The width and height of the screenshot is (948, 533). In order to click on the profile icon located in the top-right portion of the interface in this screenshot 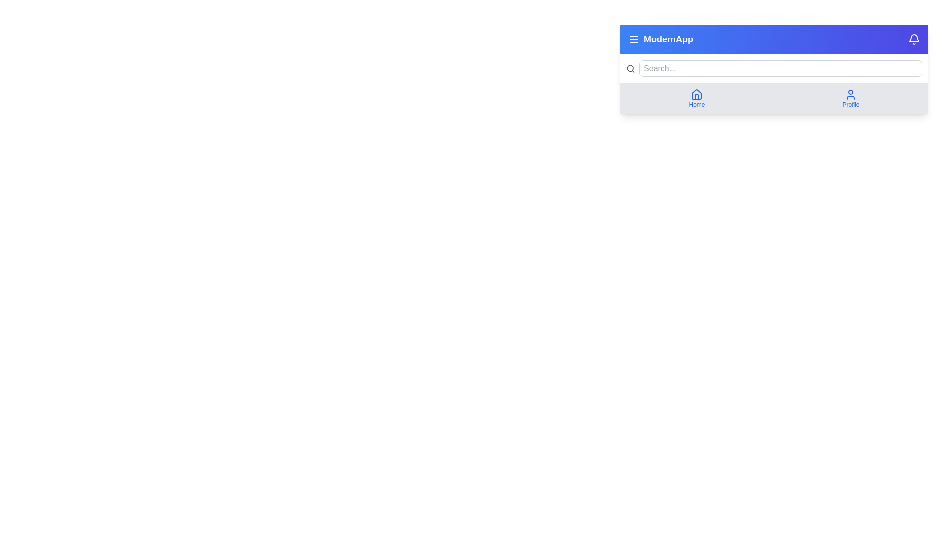, I will do `click(850, 95)`.